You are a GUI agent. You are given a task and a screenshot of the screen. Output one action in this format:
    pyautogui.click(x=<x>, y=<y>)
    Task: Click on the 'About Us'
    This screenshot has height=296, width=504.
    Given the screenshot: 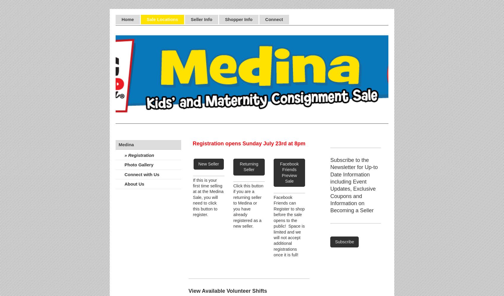 What is the action you would take?
    pyautogui.click(x=134, y=184)
    